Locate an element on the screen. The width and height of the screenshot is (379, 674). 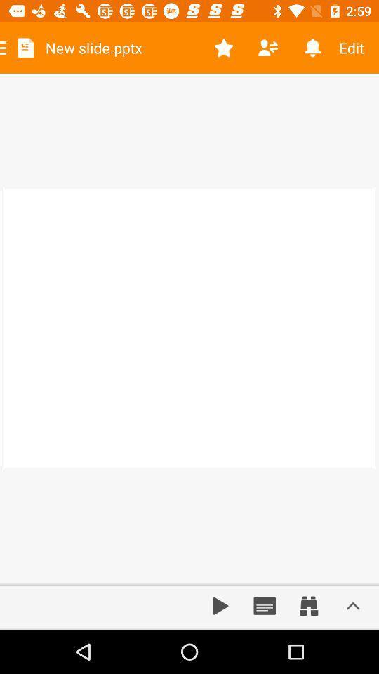
check calendar is located at coordinates (265, 605).